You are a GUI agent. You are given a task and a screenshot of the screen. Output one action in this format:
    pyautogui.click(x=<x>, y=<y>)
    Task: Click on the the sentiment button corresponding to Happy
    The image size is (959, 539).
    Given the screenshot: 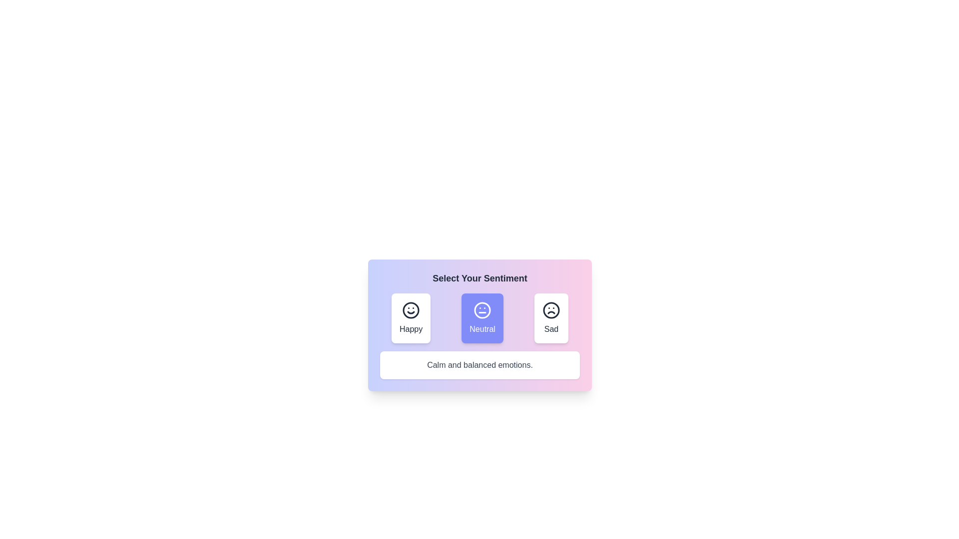 What is the action you would take?
    pyautogui.click(x=411, y=318)
    